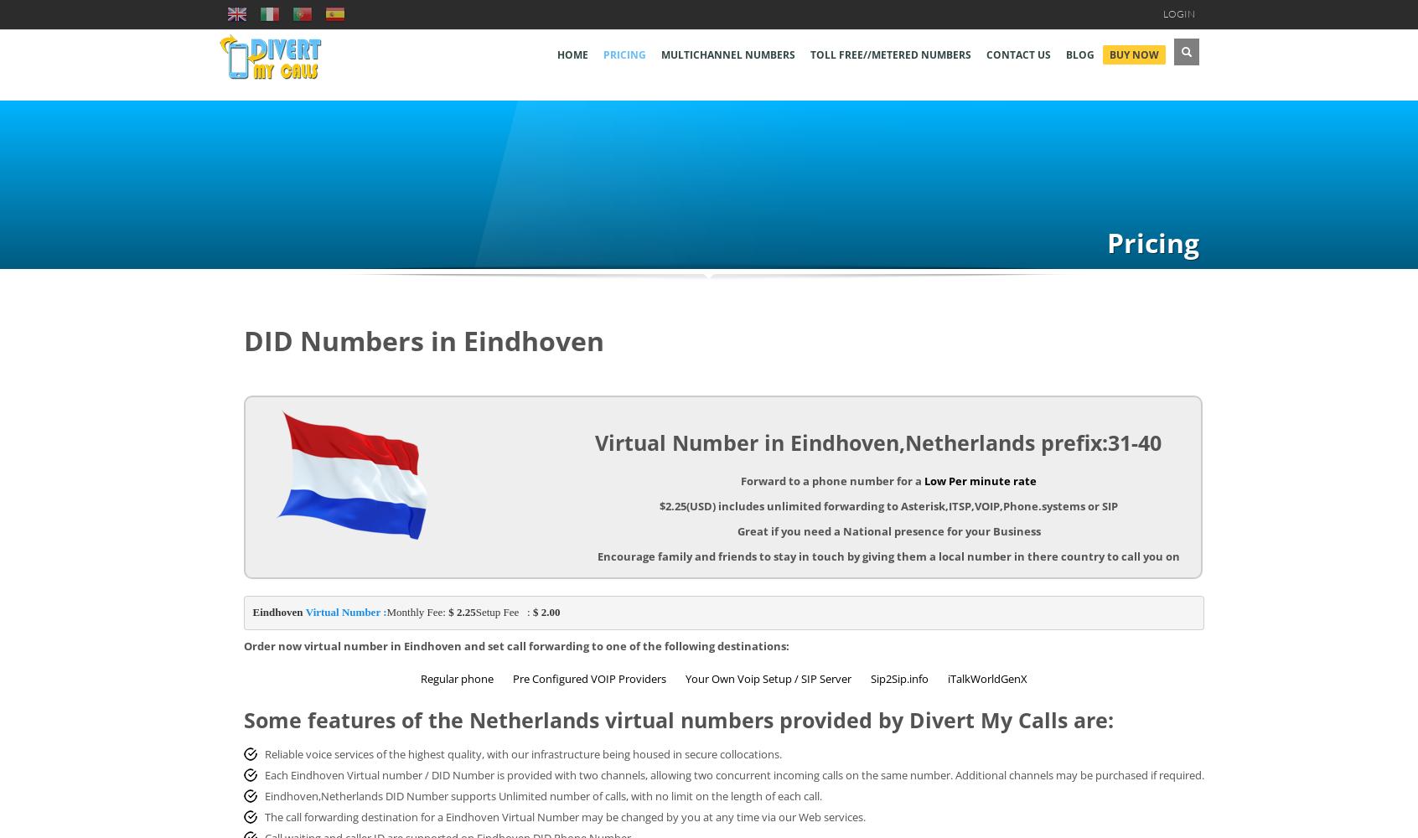 The width and height of the screenshot is (1418, 838). What do you see at coordinates (689, 718) in the screenshot?
I see `'virtual numbers'` at bounding box center [689, 718].